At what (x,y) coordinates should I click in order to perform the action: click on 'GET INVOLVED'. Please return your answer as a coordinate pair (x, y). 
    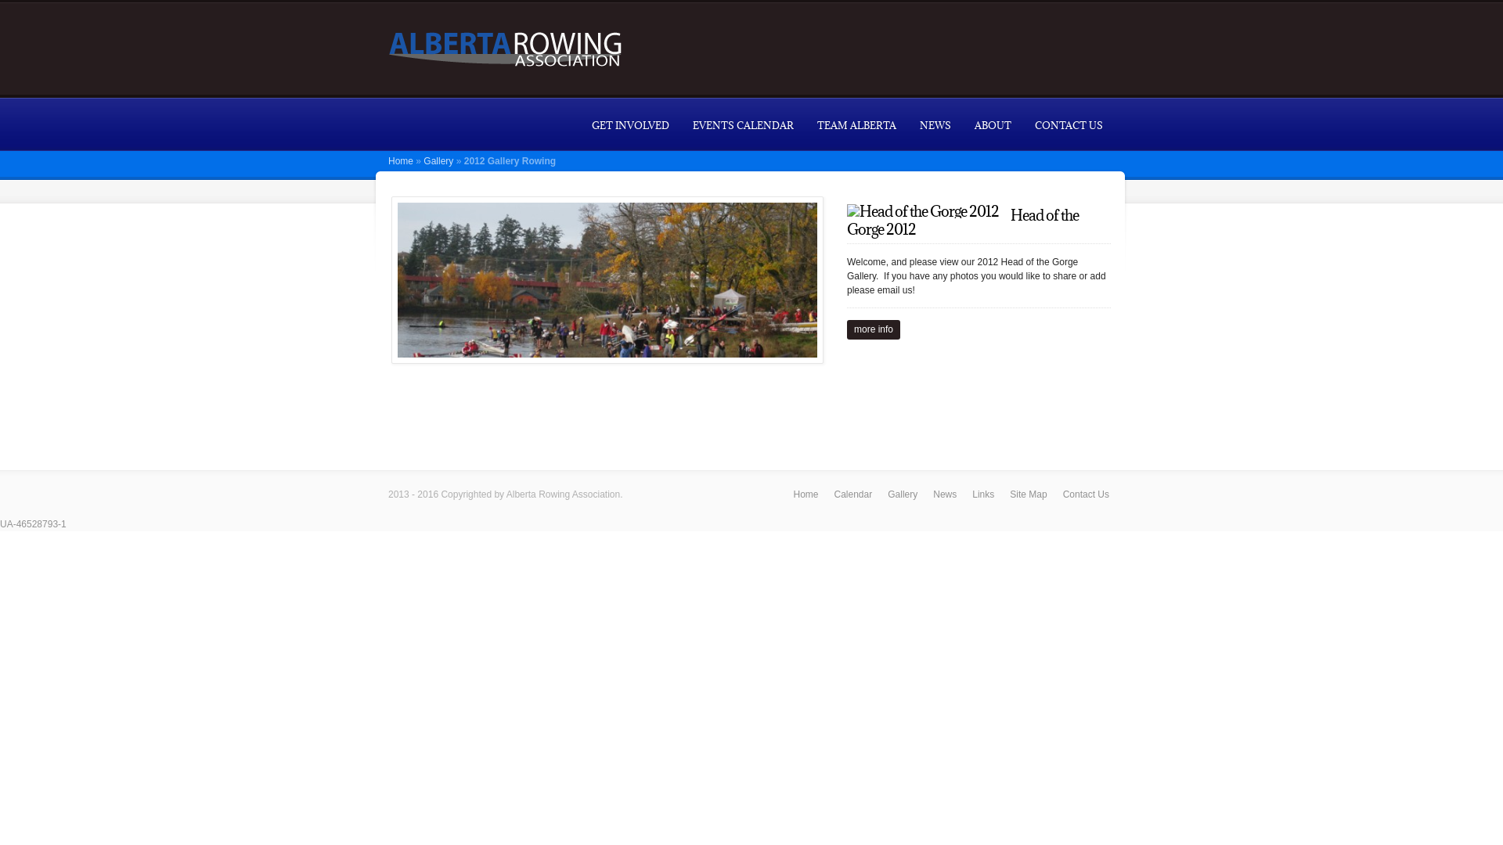
    Looking at the image, I should click on (578, 124).